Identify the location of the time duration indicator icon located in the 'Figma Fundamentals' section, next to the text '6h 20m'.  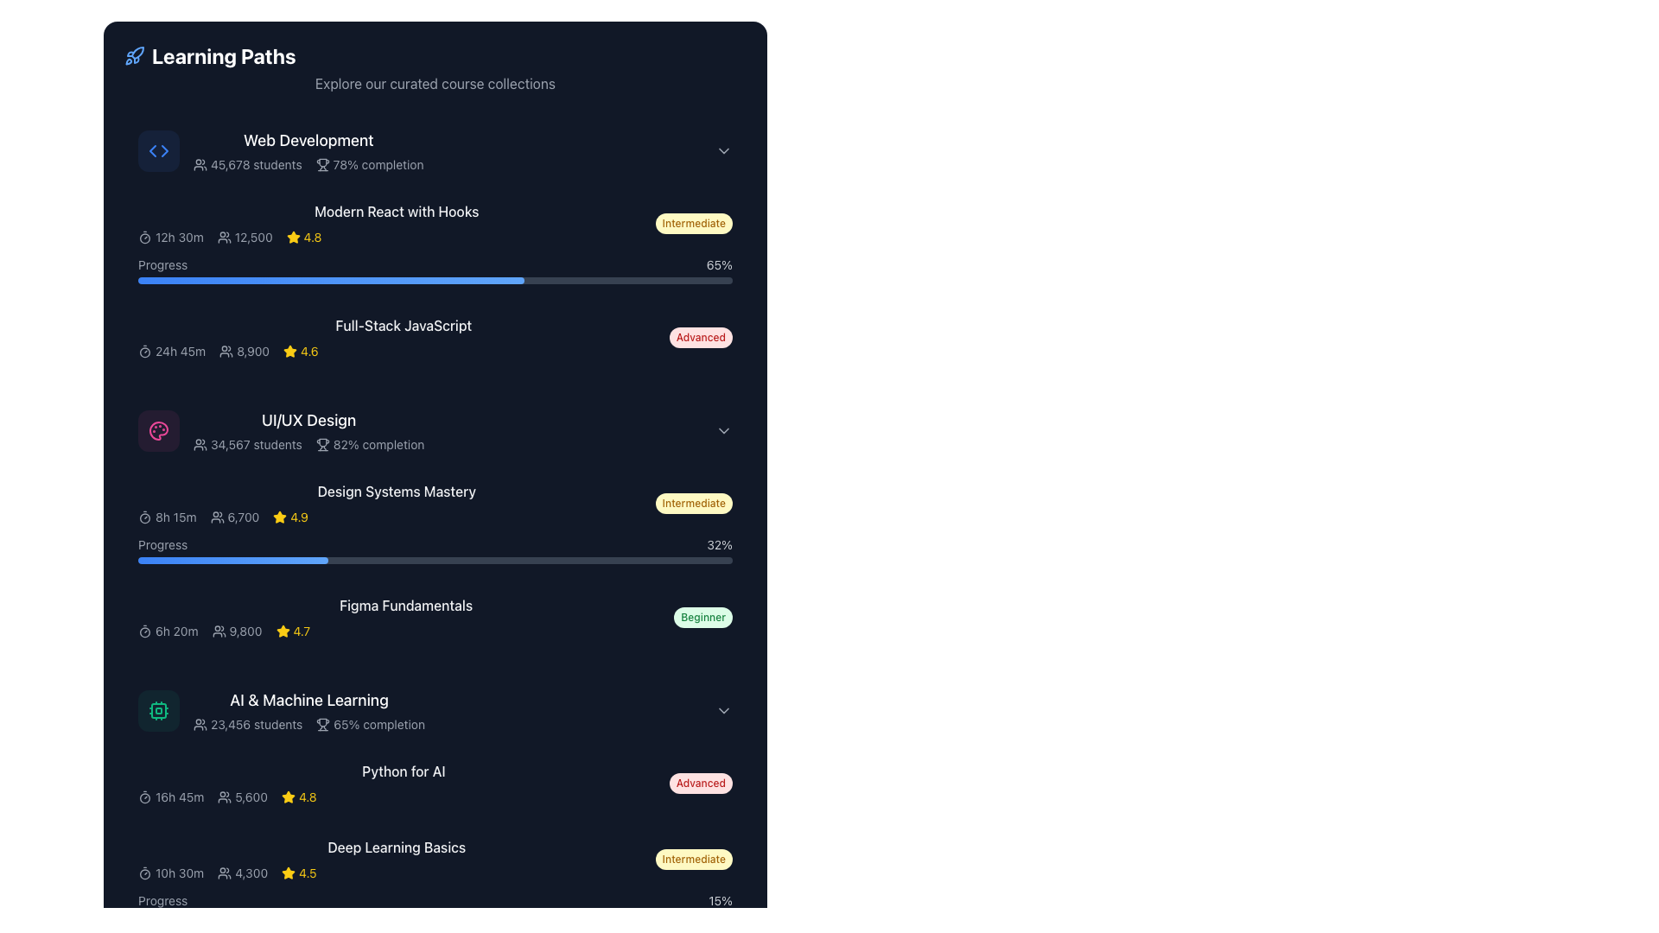
(145, 632).